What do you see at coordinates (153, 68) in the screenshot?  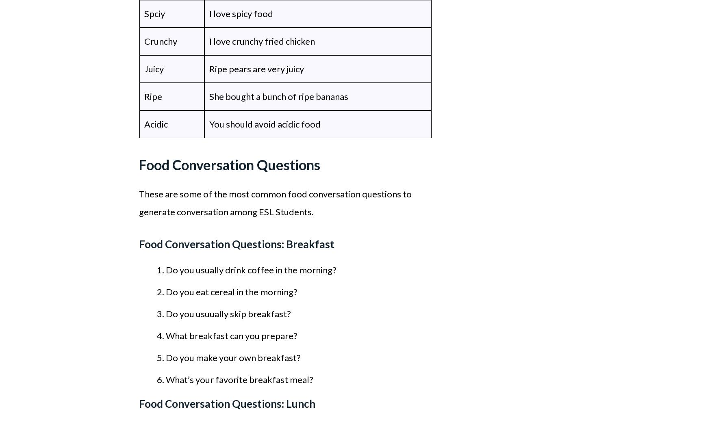 I see `'Juicy'` at bounding box center [153, 68].